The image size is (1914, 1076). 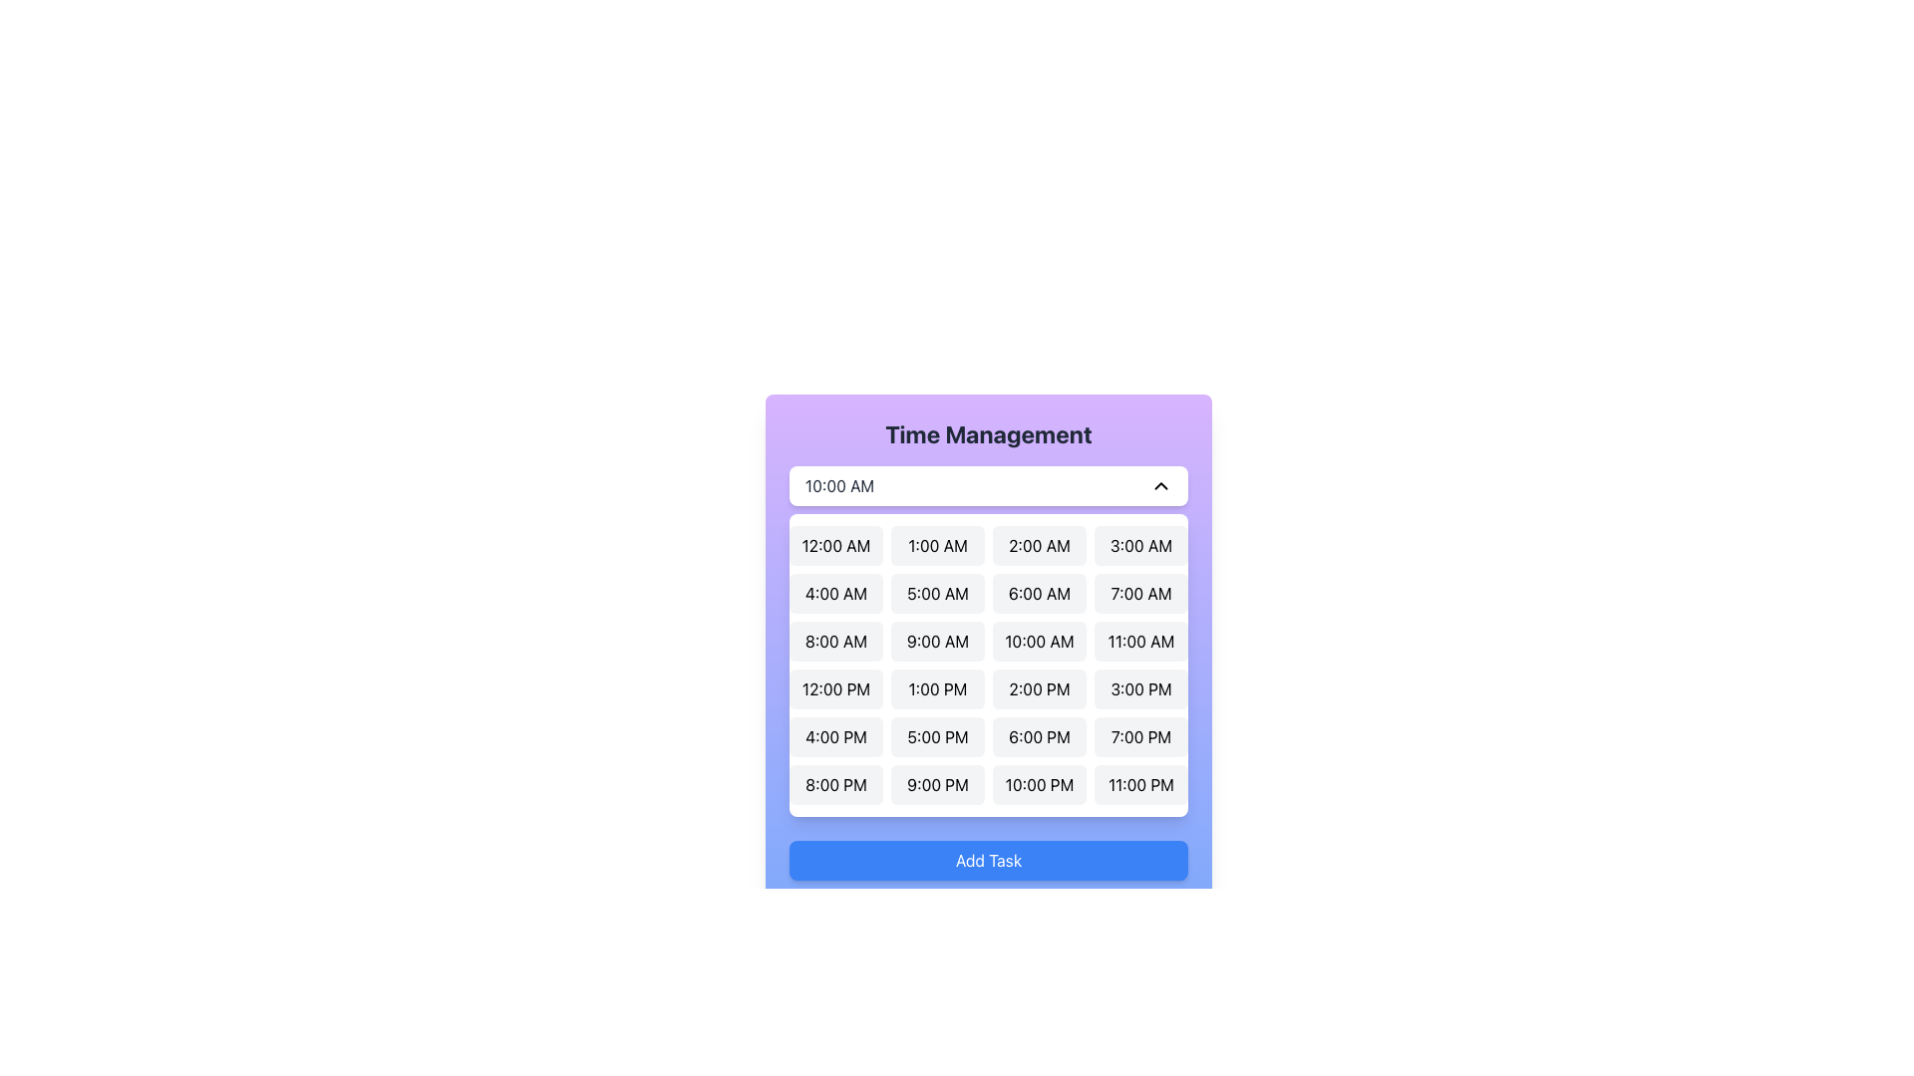 I want to click on the '11:00 AM' button, which is a rectangular button with rounded corners and a light gray background, located in the time options grid below the 'Time Management' dropdown menu, so click(x=1141, y=642).